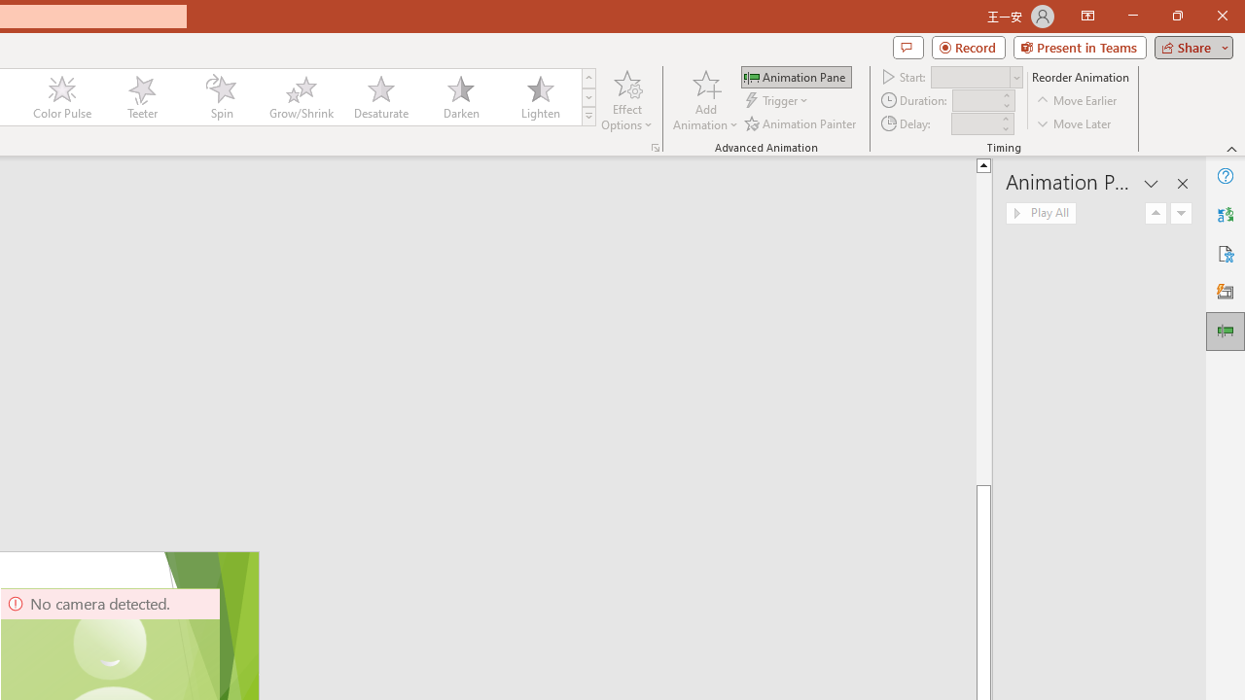  I want to click on 'Move Down', so click(1180, 213).